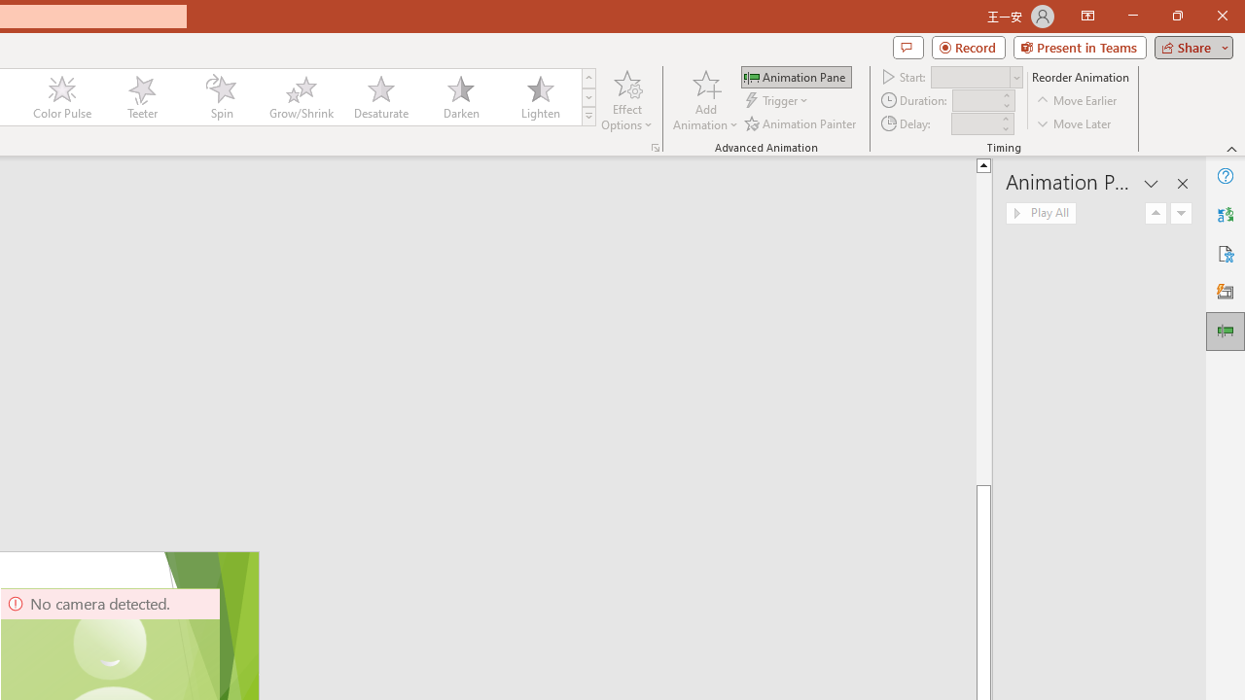  I want to click on 'Move Down', so click(1180, 213).